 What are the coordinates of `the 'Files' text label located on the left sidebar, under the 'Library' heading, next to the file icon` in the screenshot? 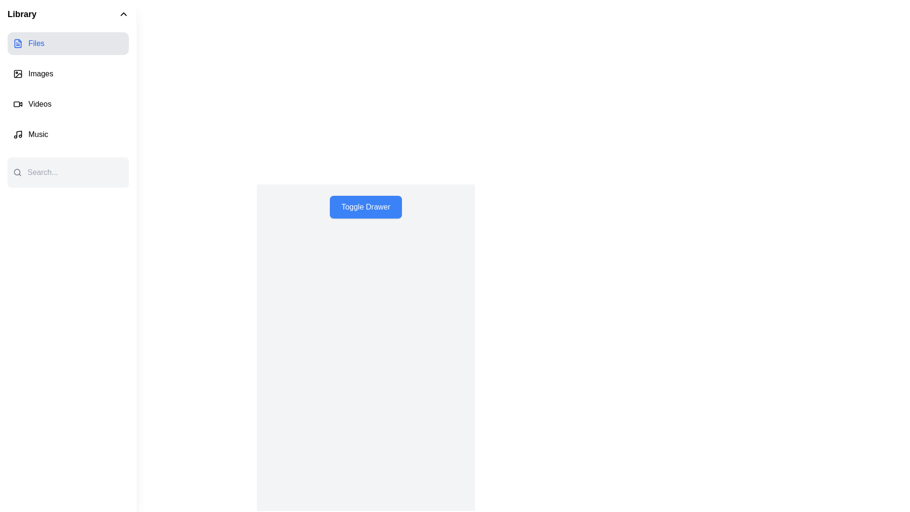 It's located at (36, 44).